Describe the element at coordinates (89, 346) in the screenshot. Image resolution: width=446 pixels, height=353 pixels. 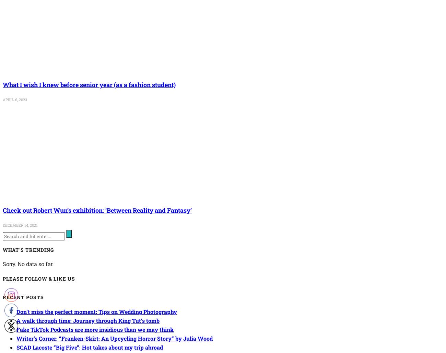
I see `'SCAD Lacoste “Big Five”: Hot takes about my trip abroad'` at that location.